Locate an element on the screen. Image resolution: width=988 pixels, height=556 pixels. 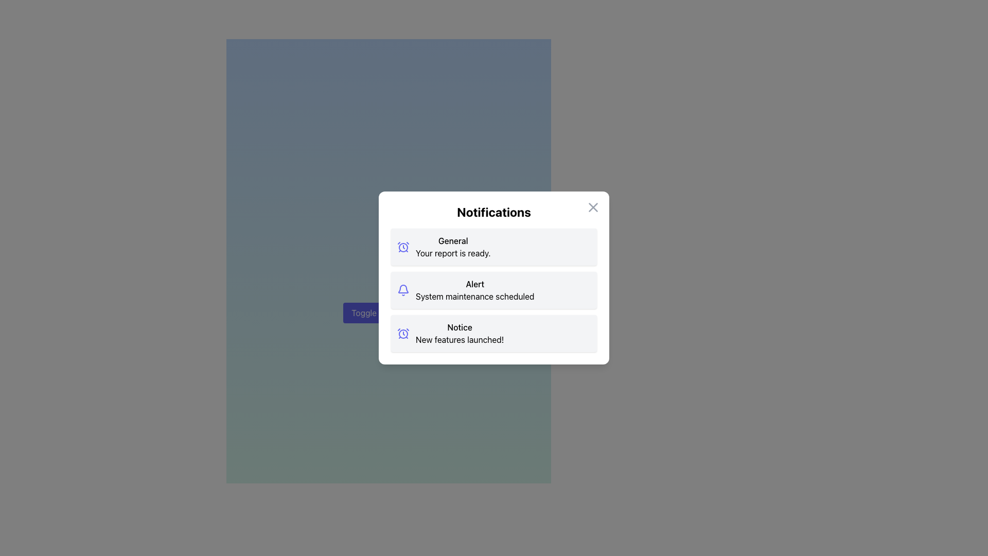
the 'Notice' text display element that shows 'New features launched!' in the notifications popup is located at coordinates (459, 334).